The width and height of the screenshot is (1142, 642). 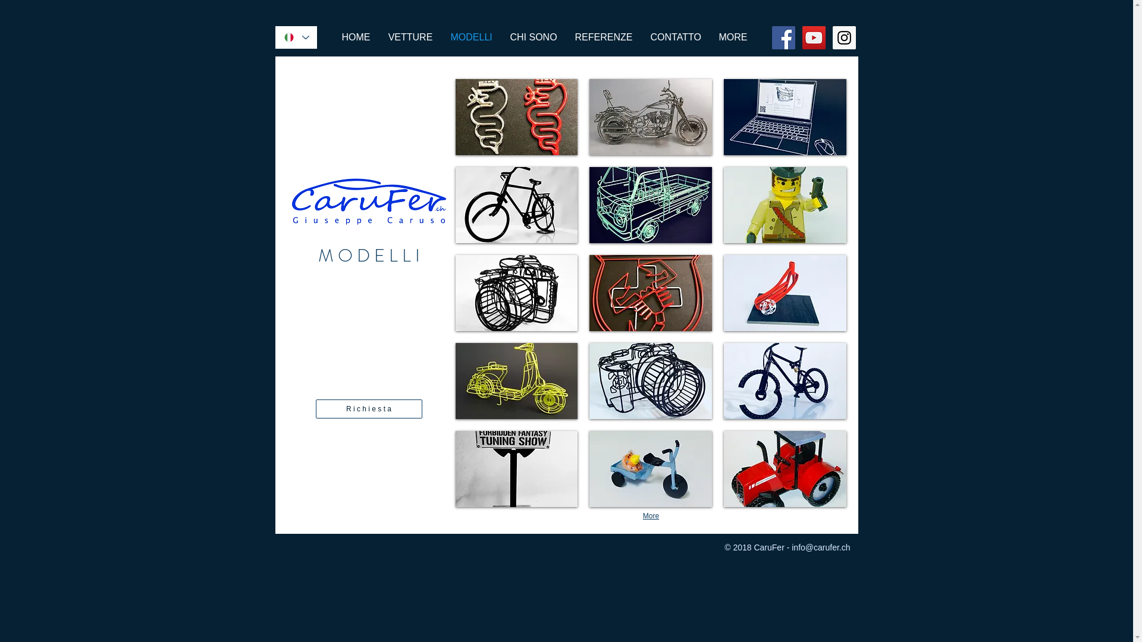 What do you see at coordinates (470, 36) in the screenshot?
I see `'MODELLI'` at bounding box center [470, 36].